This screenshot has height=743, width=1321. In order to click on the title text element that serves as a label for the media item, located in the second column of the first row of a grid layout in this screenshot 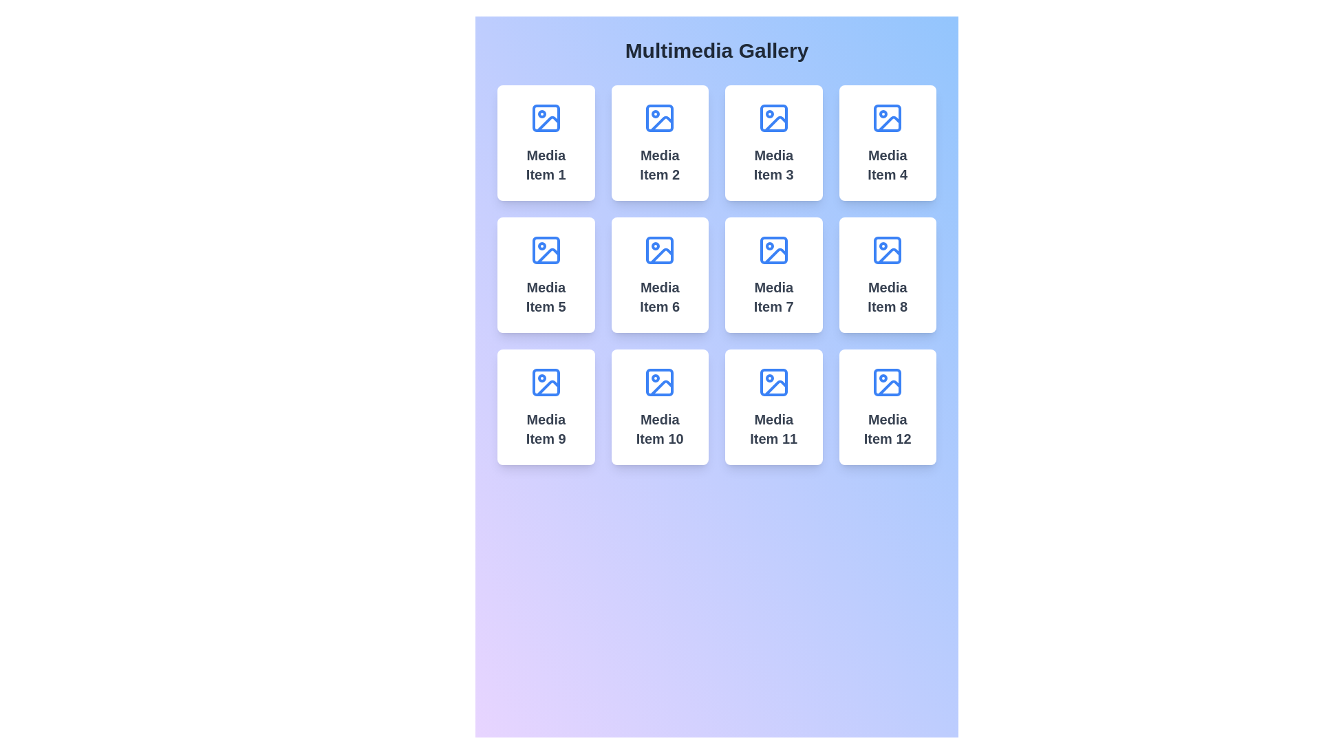, I will do `click(659, 164)`.